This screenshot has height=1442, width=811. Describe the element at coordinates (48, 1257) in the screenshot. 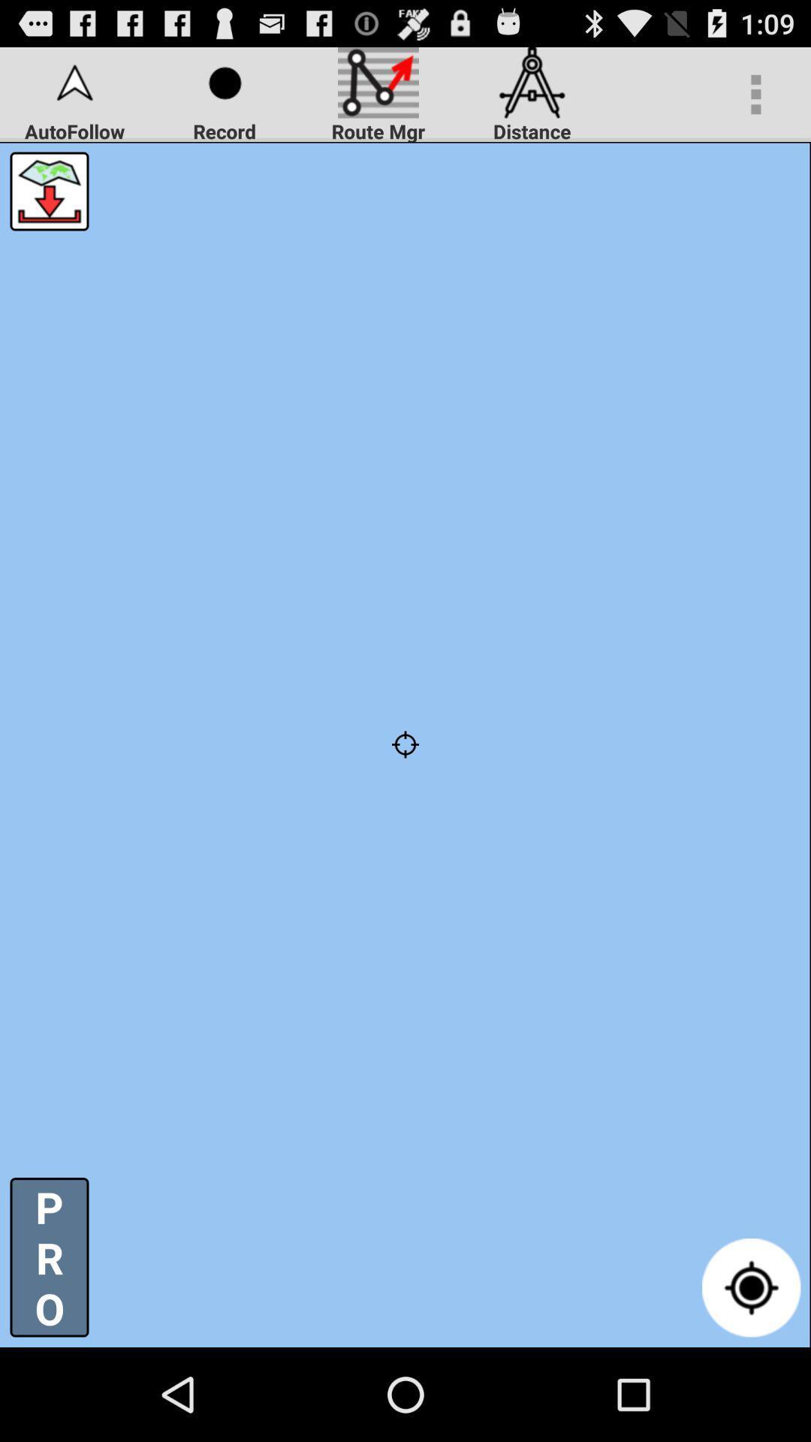

I see `p` at that location.